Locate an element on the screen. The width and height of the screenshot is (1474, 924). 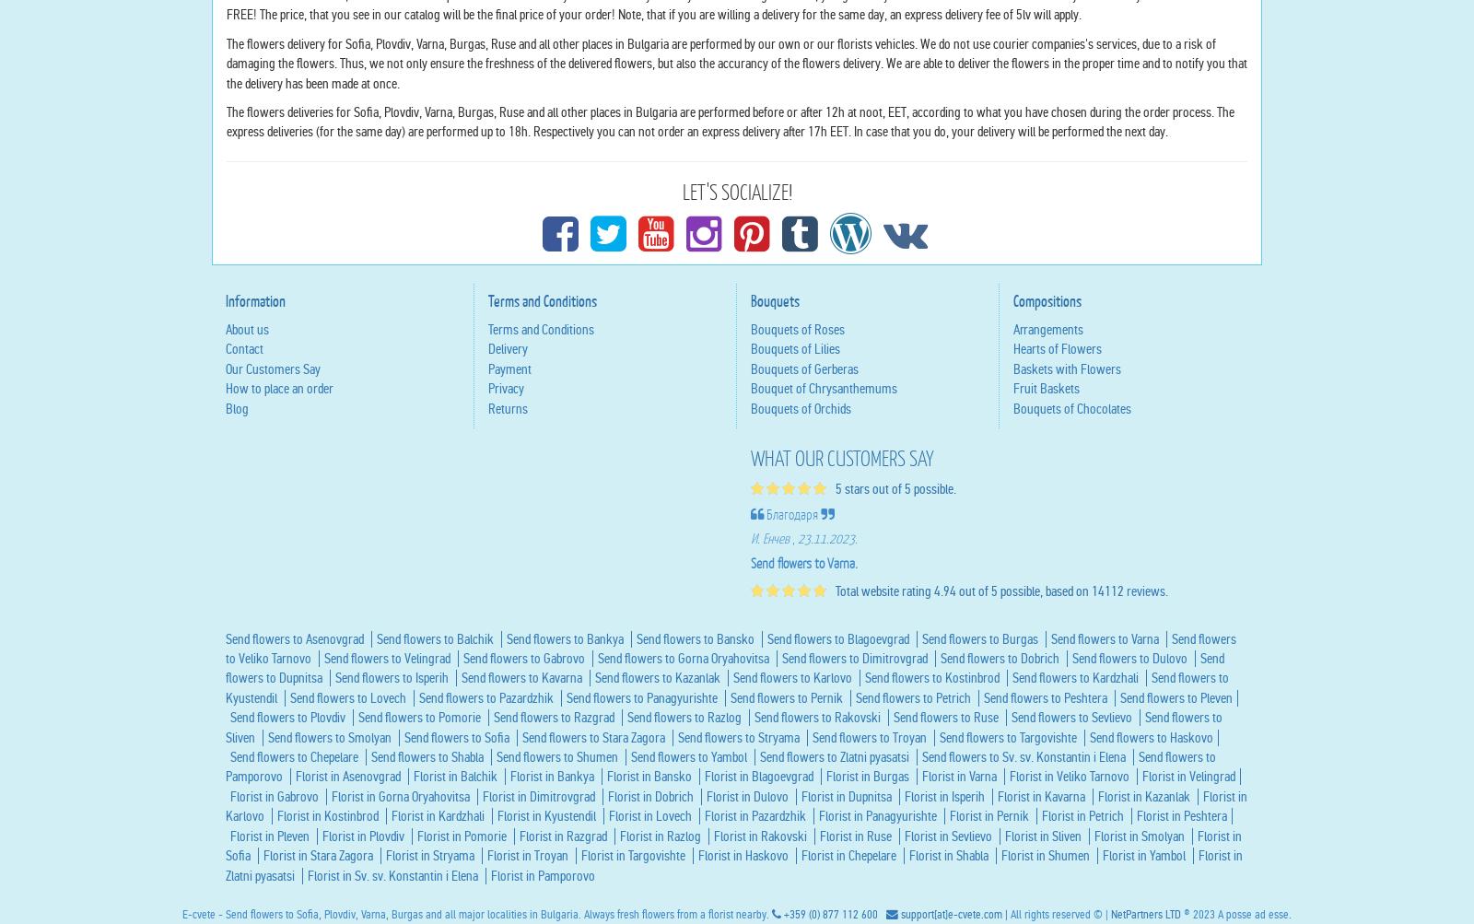
'Send flowers to Bankya' is located at coordinates (567, 815).